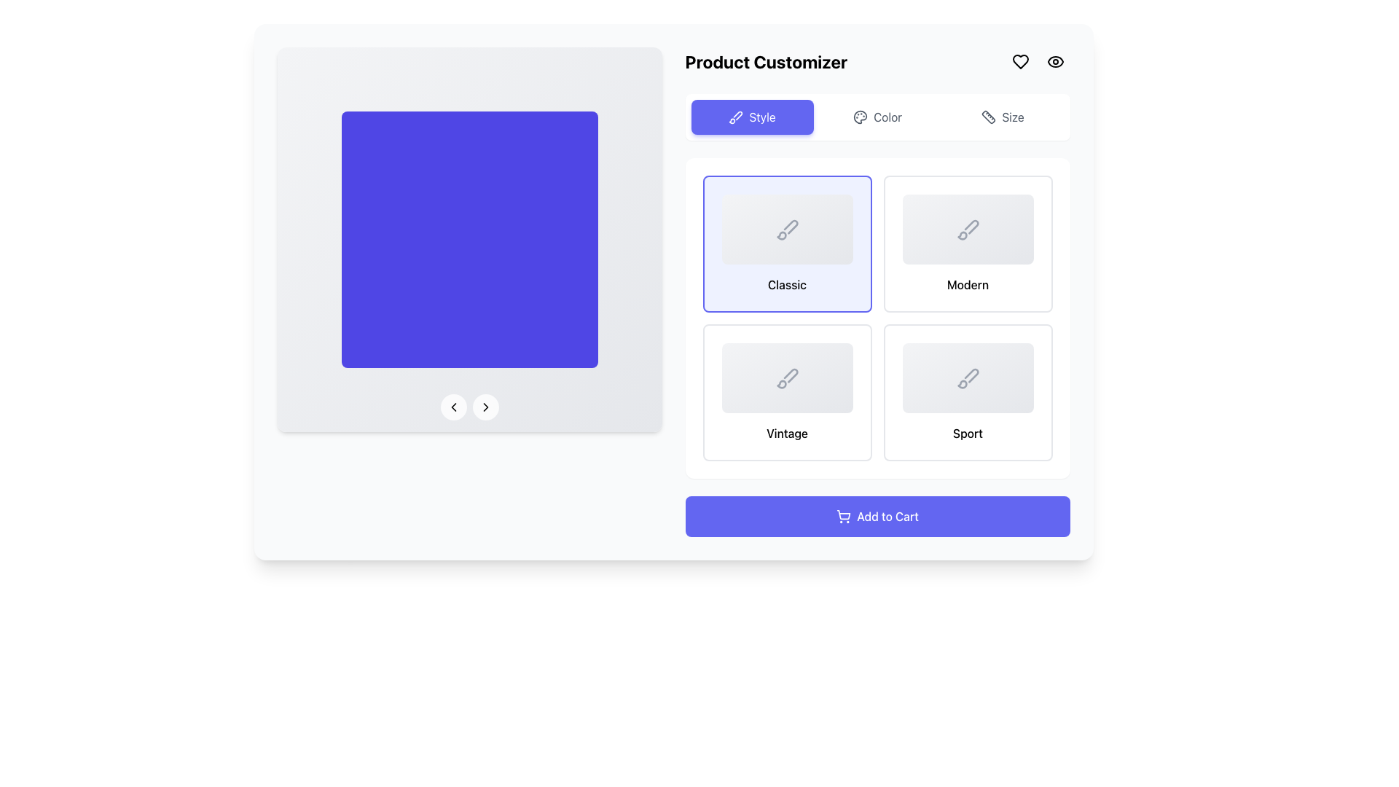  Describe the element at coordinates (968, 230) in the screenshot. I see `the brush icon outlined in gray, located in the 'Modern' style option at the top right of the style selection grid` at that location.